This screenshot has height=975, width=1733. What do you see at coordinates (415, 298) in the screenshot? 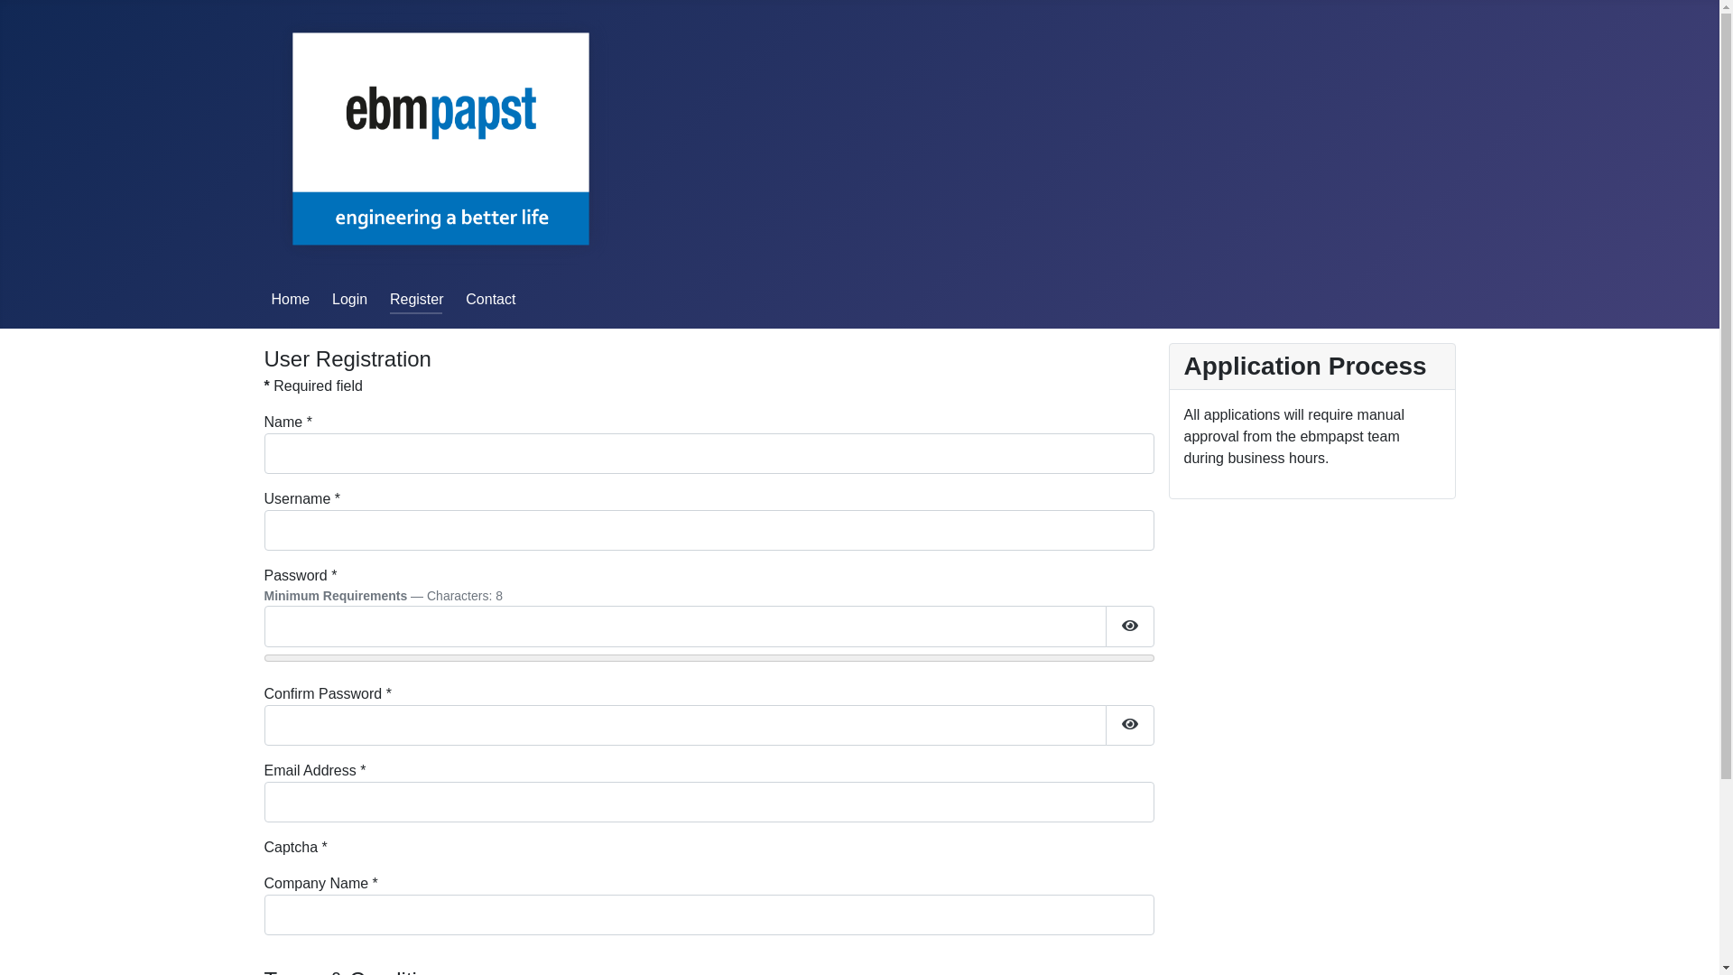
I see `'Register'` at bounding box center [415, 298].